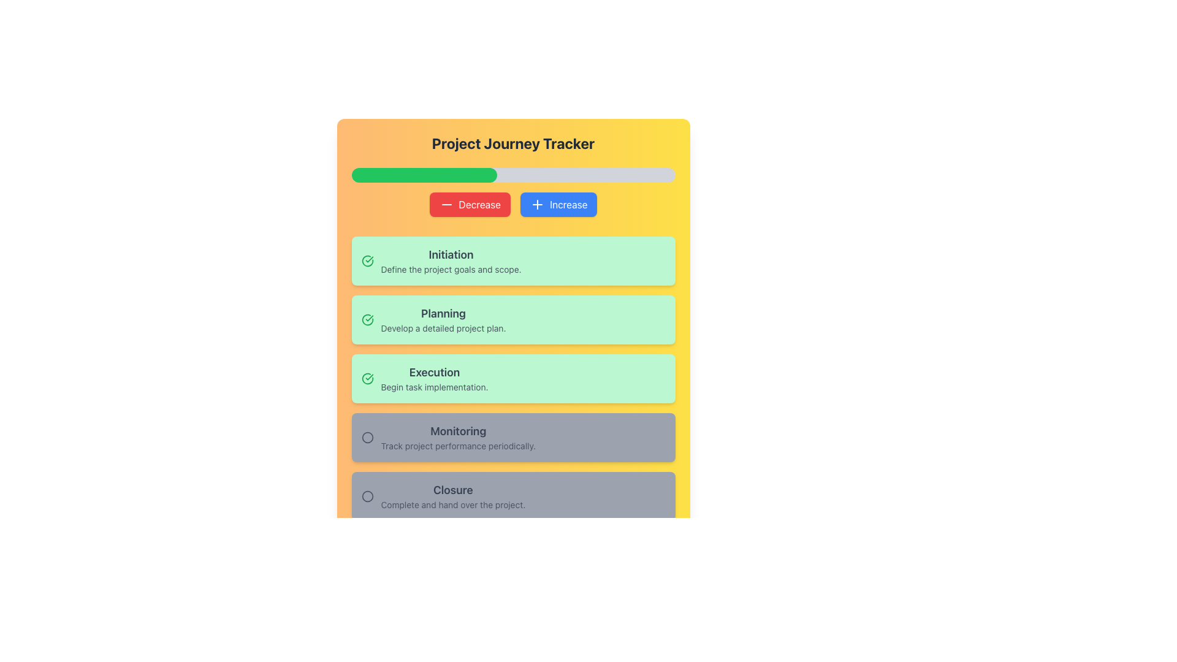  Describe the element at coordinates (367, 496) in the screenshot. I see `the Circular Status Indicator located in the 'Closure' section` at that location.